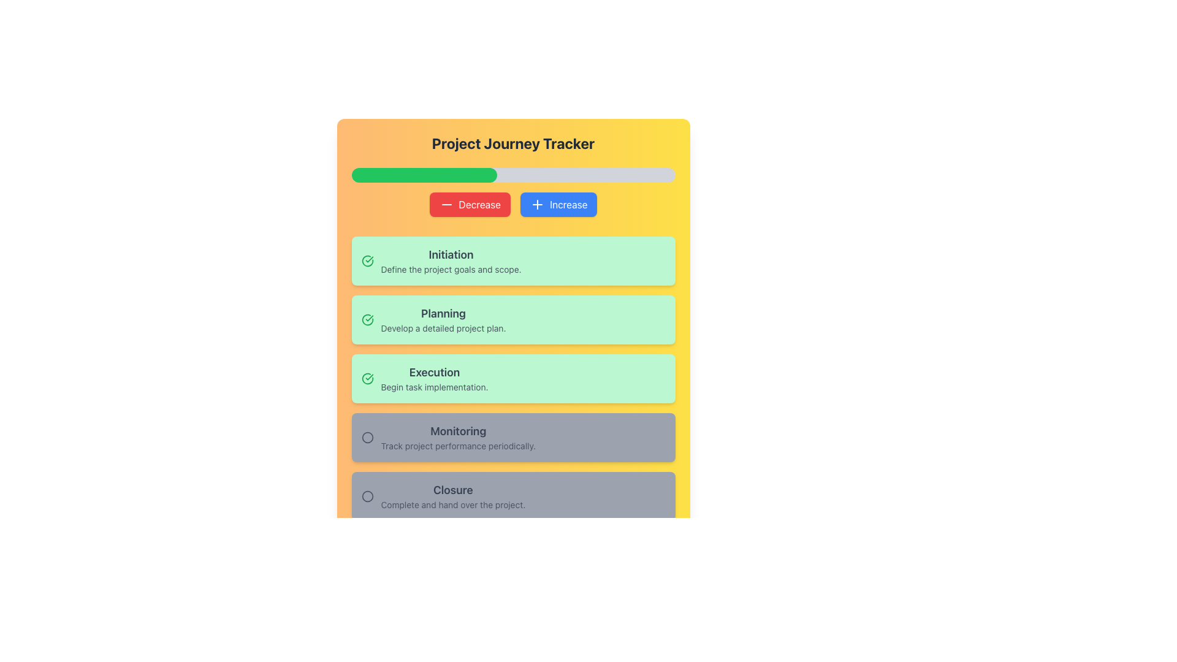  Describe the element at coordinates (367, 496) in the screenshot. I see `the Circular Status Indicator located in the 'Closure' section` at that location.